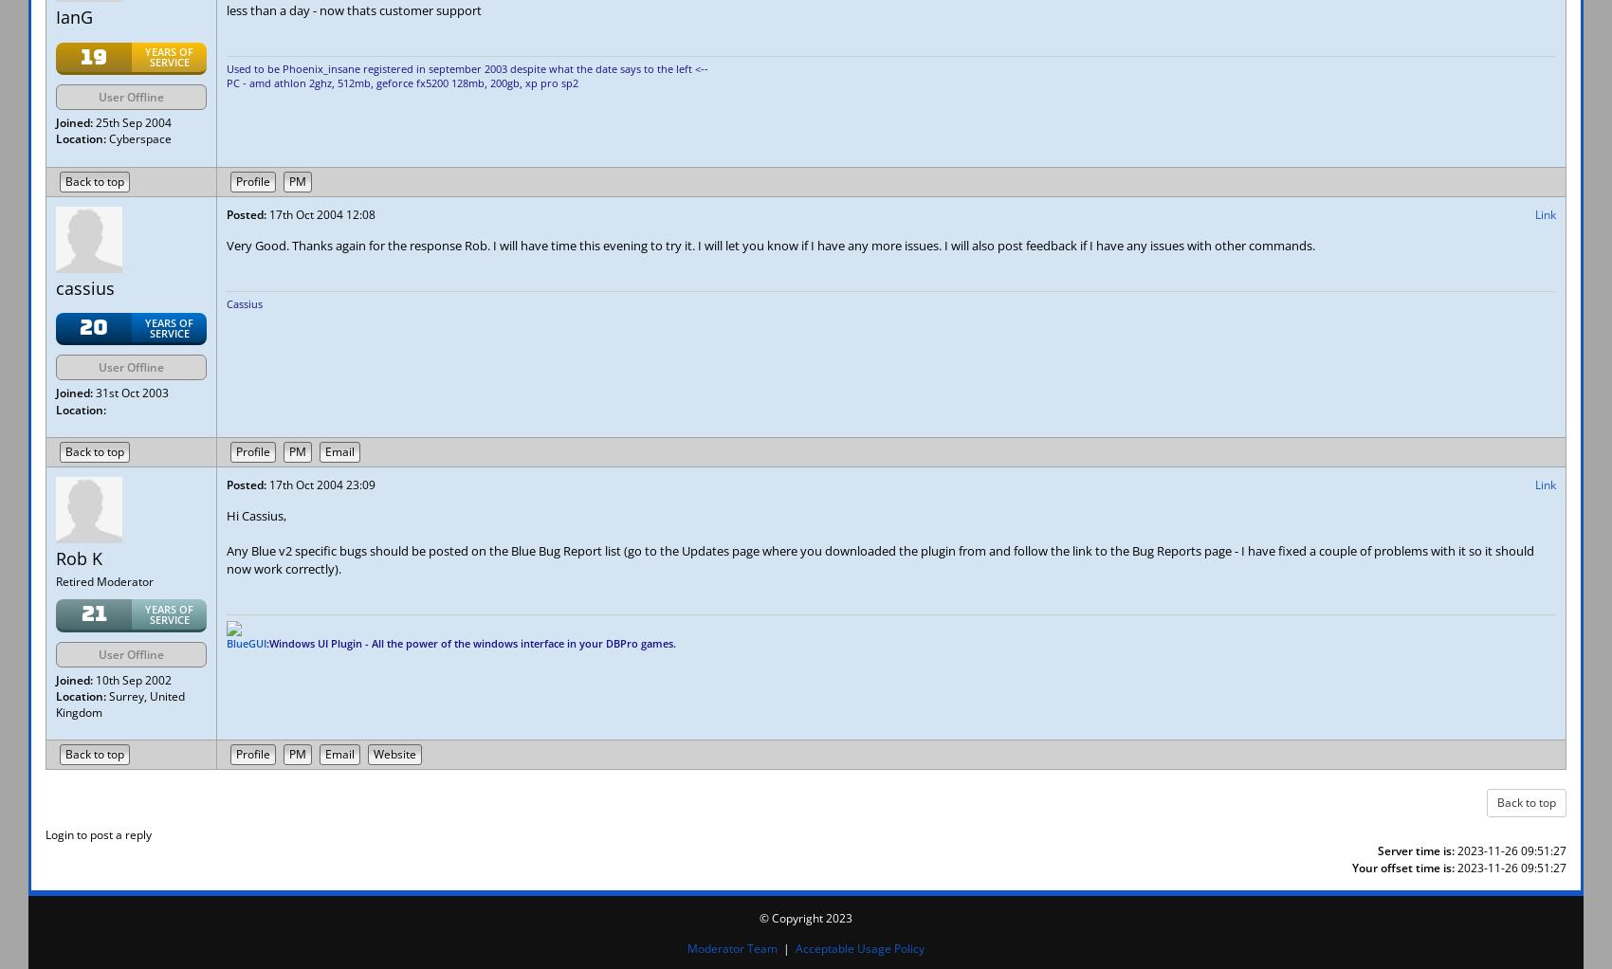 The image size is (1612, 969). I want to click on '25th Sep 2004', so click(131, 122).